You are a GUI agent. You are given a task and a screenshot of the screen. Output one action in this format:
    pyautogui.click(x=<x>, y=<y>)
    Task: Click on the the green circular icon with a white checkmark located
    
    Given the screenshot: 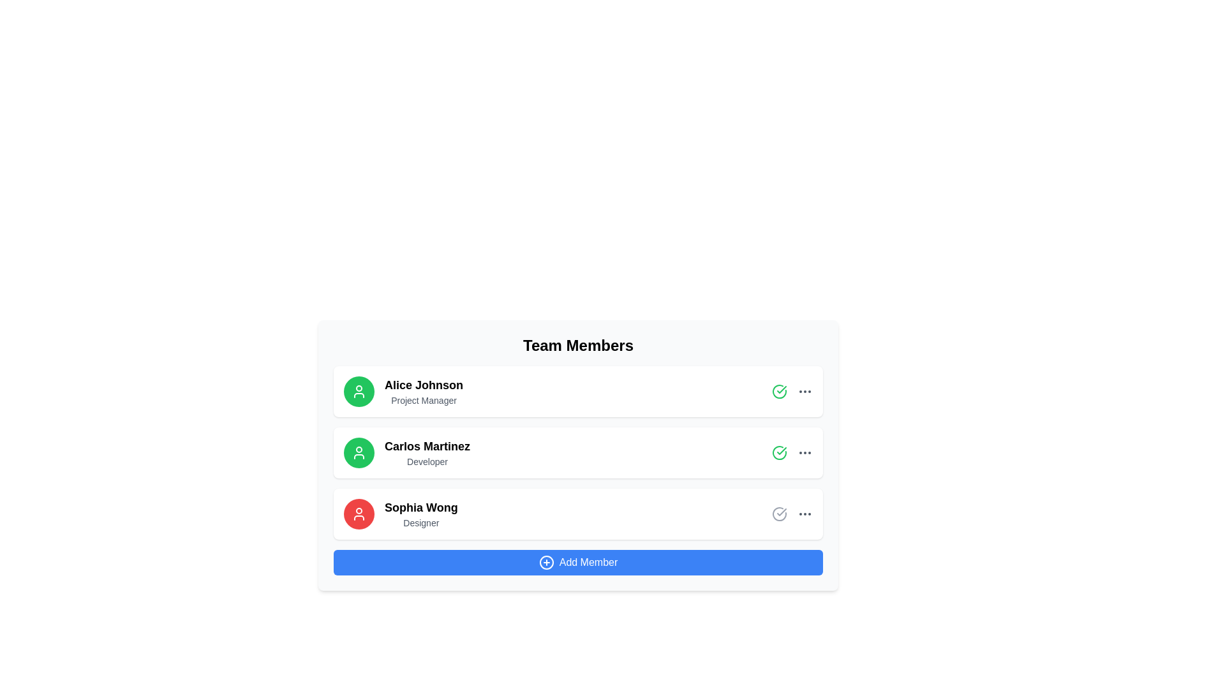 What is the action you would take?
    pyautogui.click(x=779, y=452)
    